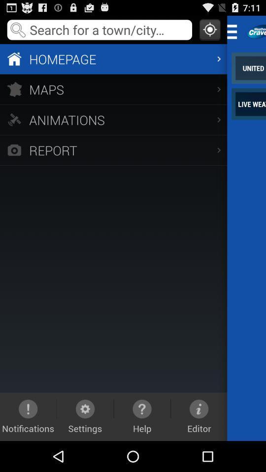 The height and width of the screenshot is (472, 266). What do you see at coordinates (209, 31) in the screenshot?
I see `the location_crosshair icon` at bounding box center [209, 31].